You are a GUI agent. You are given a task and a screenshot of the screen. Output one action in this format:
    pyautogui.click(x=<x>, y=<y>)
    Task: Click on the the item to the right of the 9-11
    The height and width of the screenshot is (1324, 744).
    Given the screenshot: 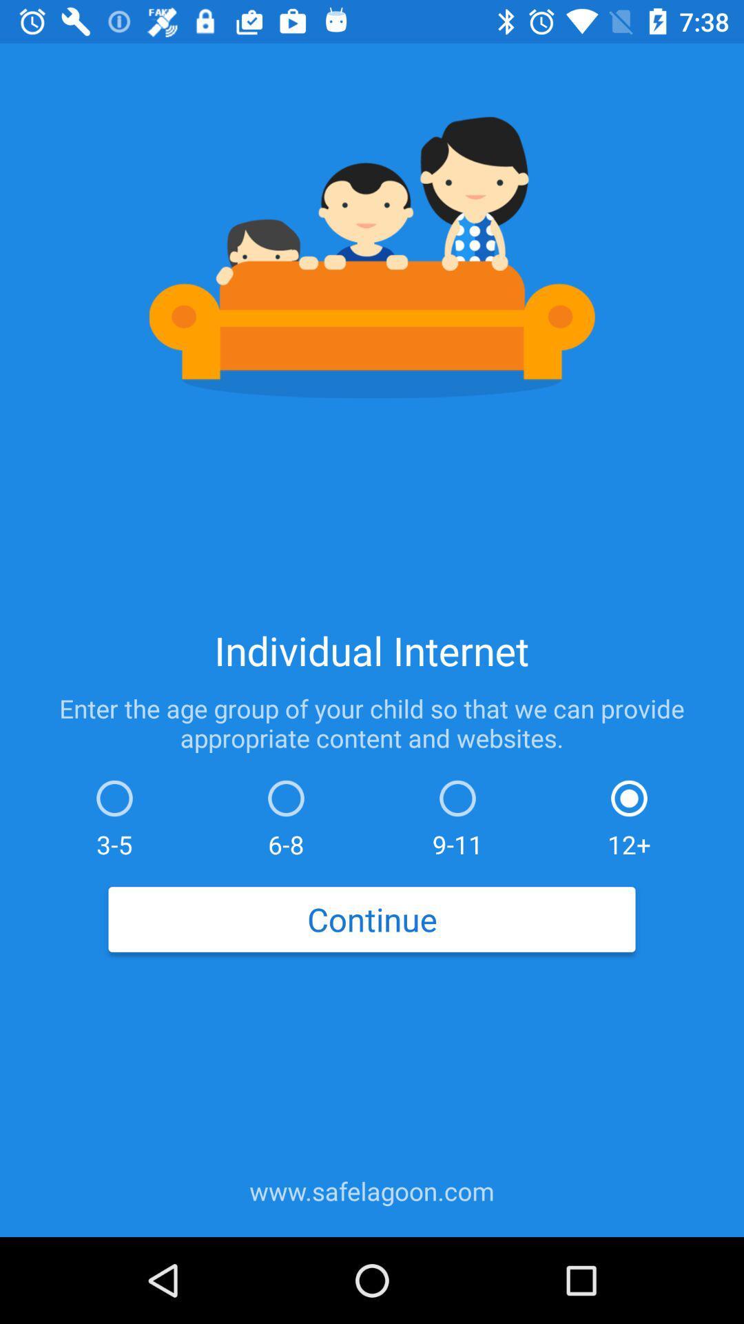 What is the action you would take?
    pyautogui.click(x=629, y=815)
    